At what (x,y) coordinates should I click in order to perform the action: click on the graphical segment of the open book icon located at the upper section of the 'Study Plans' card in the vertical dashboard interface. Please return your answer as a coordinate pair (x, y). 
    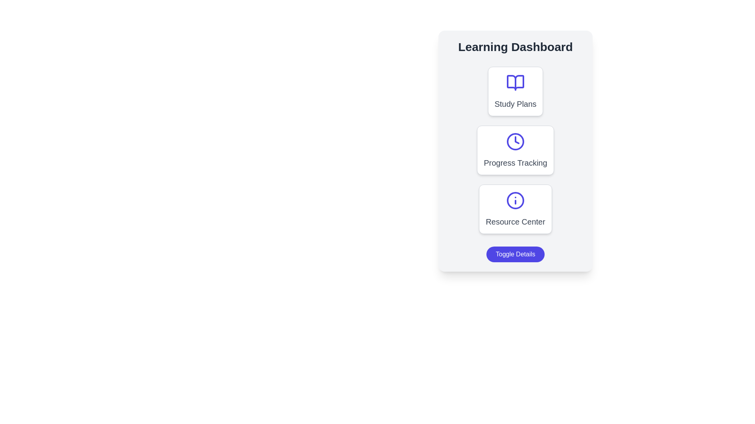
    Looking at the image, I should click on (515, 83).